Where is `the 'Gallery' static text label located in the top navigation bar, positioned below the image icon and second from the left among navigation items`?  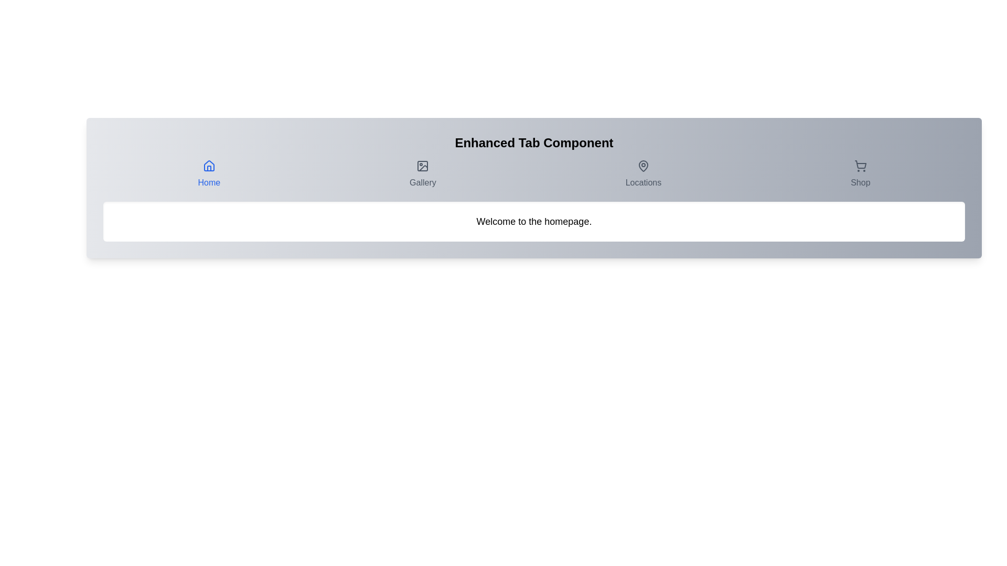
the 'Gallery' static text label located in the top navigation bar, positioned below the image icon and second from the left among navigation items is located at coordinates (423, 182).